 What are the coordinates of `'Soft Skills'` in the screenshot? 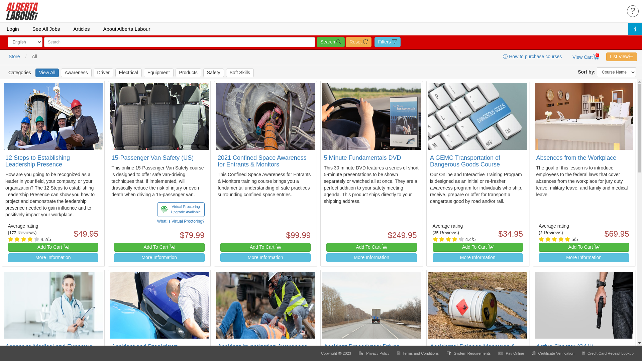 It's located at (240, 73).